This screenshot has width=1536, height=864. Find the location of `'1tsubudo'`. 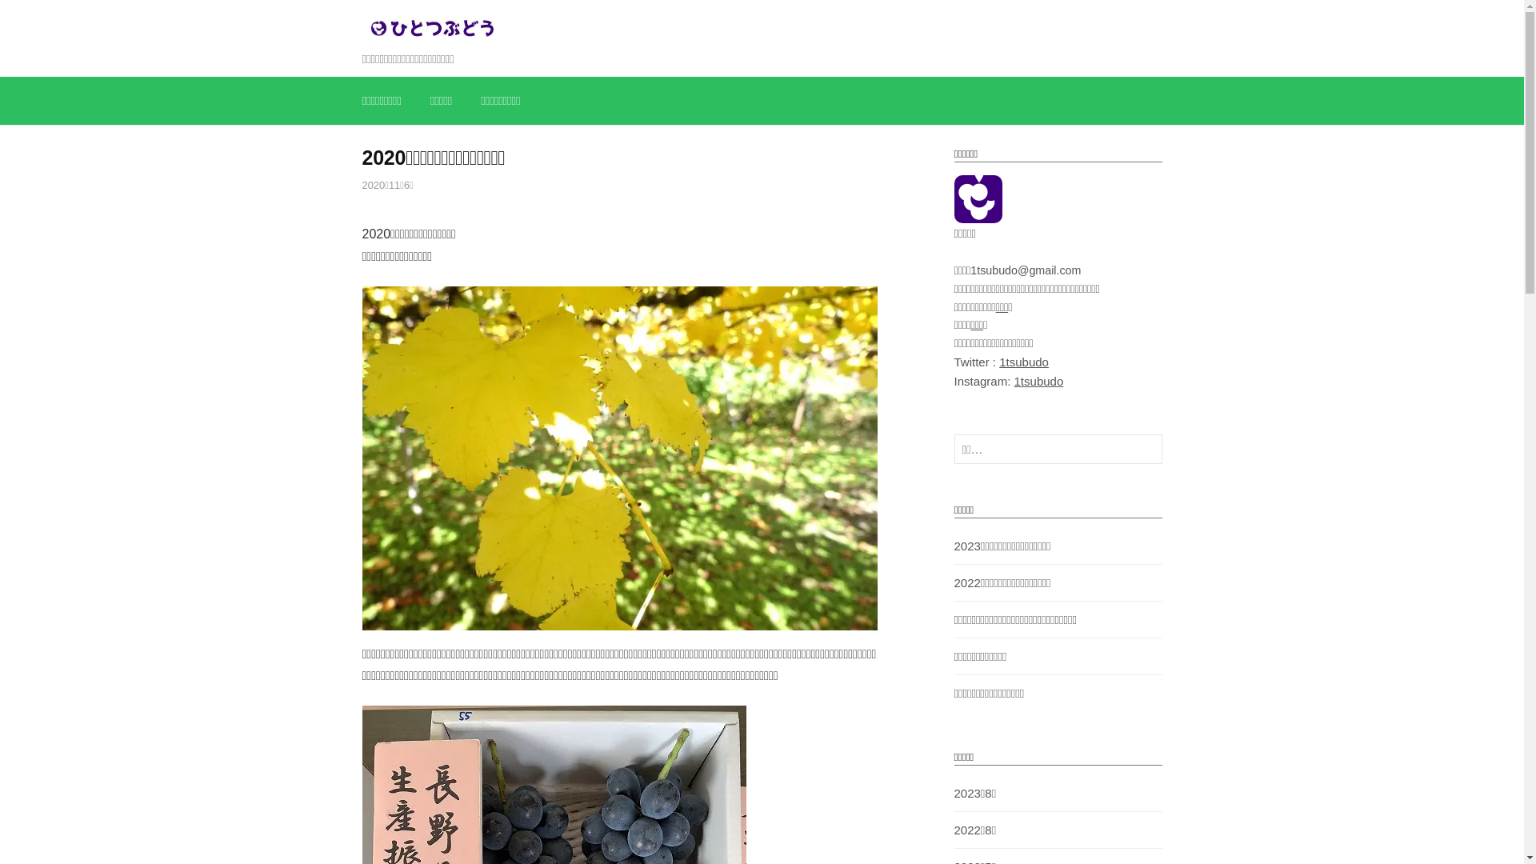

'1tsubudo' is located at coordinates (1039, 381).